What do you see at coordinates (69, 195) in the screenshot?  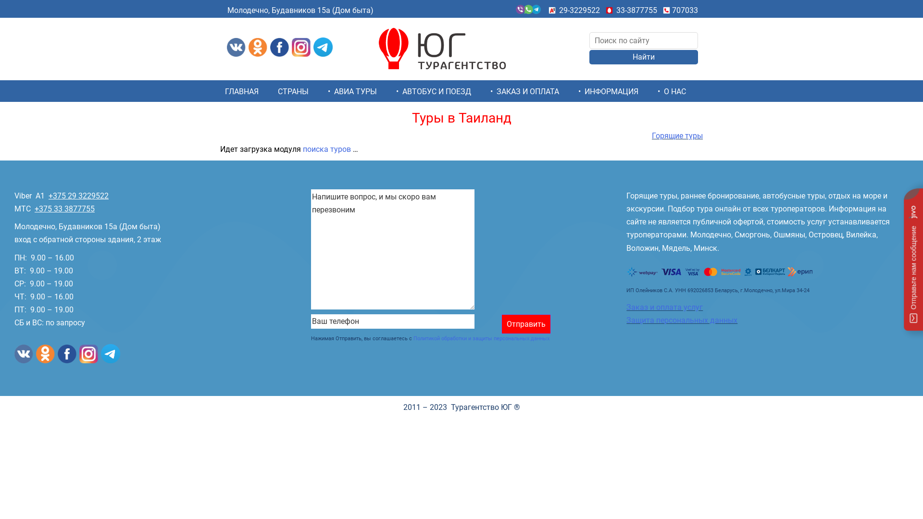 I see `'  A1  +375 29 3229522'` at bounding box center [69, 195].